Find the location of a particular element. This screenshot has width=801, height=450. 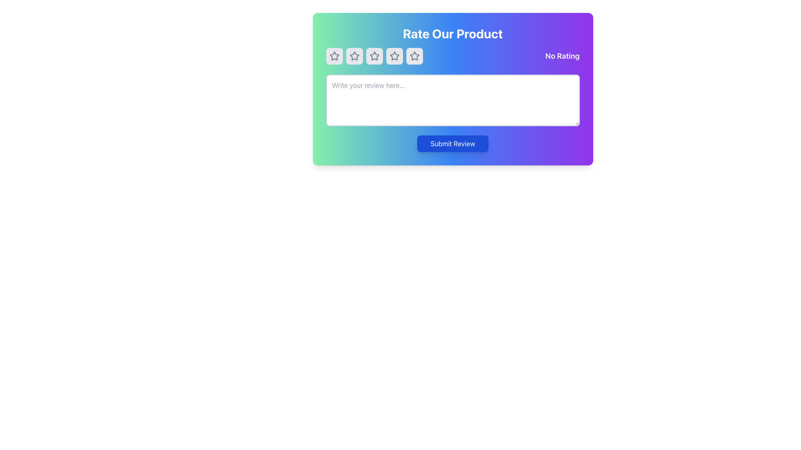

the fourth star in the rating row is located at coordinates (414, 56).